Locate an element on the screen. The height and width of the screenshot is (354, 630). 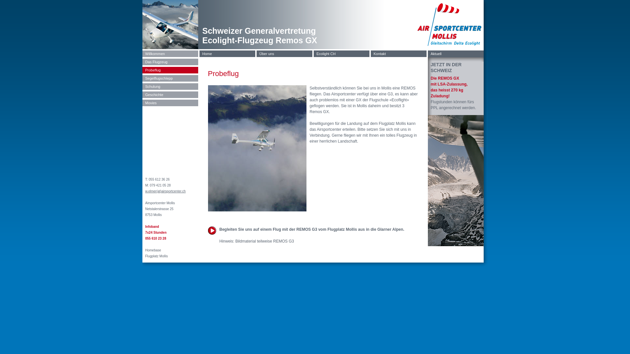
'Schulung' is located at coordinates (142, 86).